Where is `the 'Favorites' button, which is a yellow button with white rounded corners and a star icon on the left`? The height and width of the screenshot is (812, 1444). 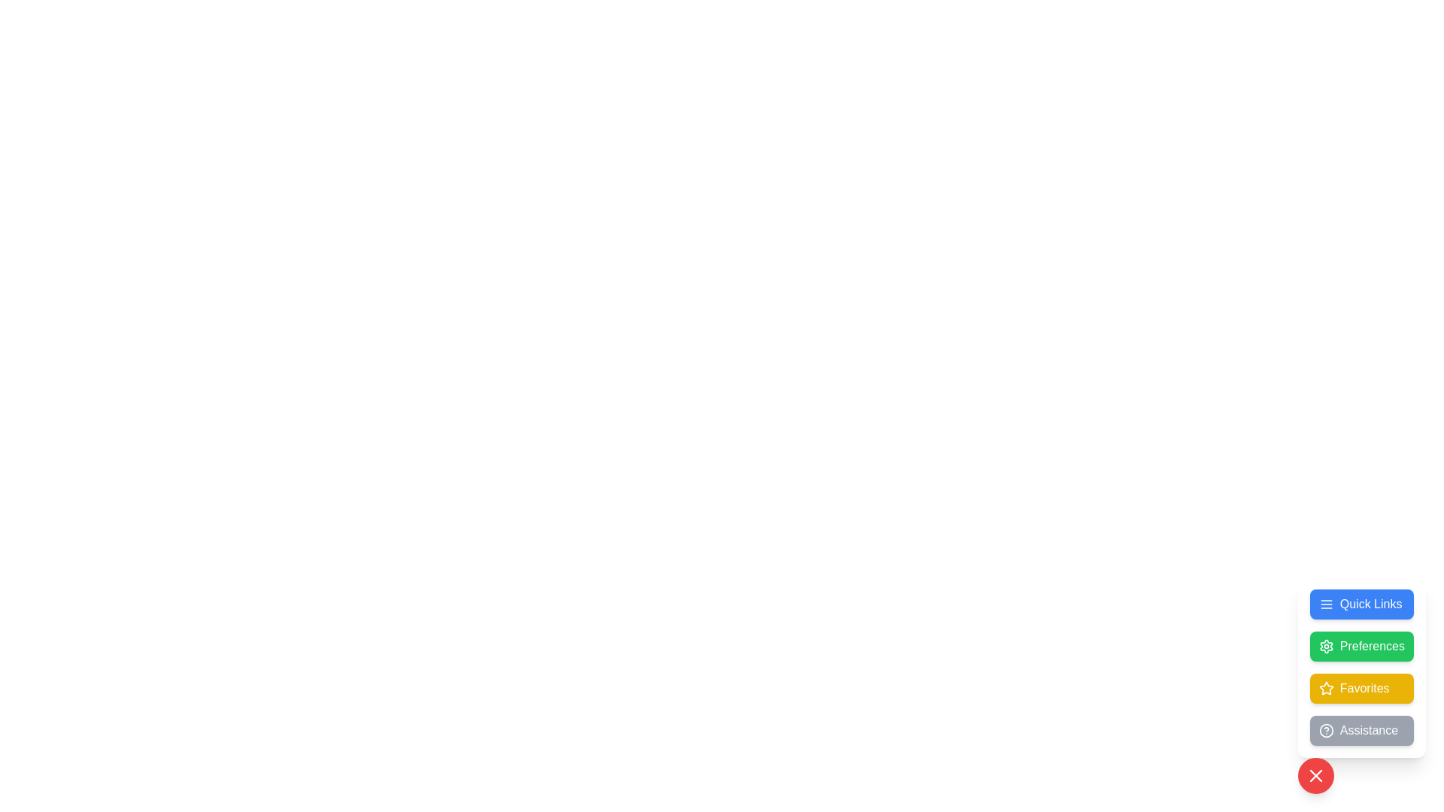 the 'Favorites' button, which is a yellow button with white rounded corners and a star icon on the left is located at coordinates (1361, 688).